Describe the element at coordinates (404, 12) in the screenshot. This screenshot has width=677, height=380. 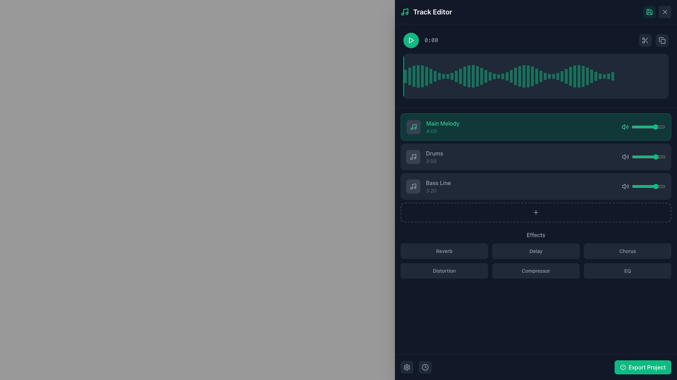
I see `the music note icon with a green stroke located to the left of the 'Track Editor' text heading in the header bar` at that location.